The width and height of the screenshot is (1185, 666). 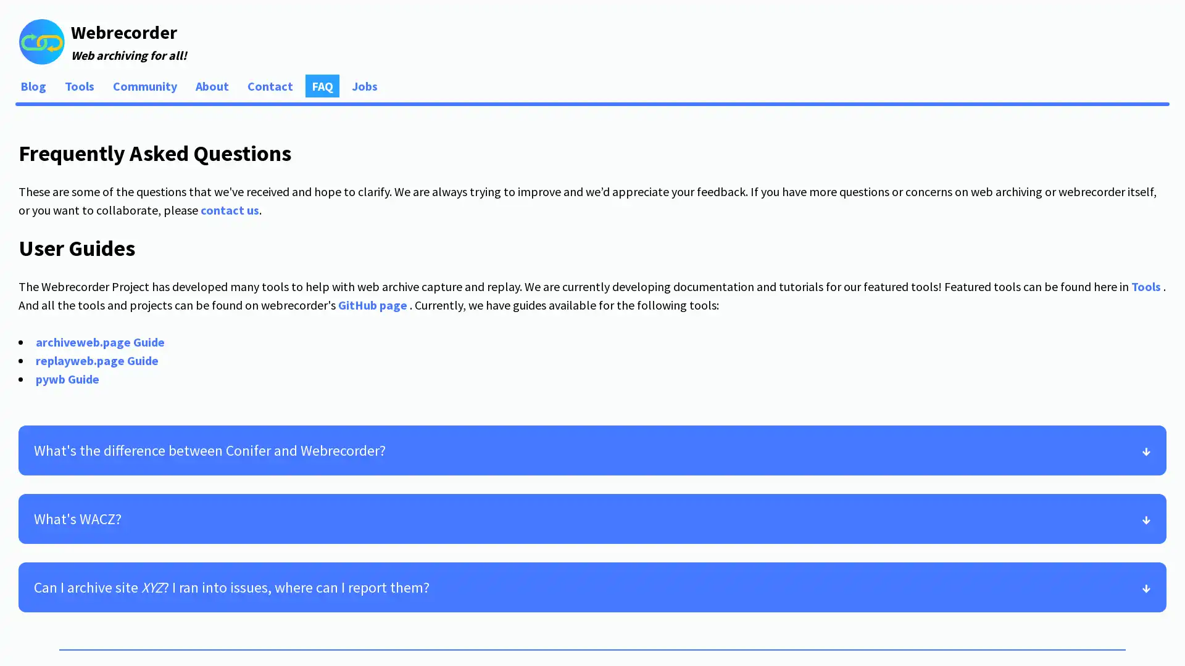 What do you see at coordinates (592, 450) in the screenshot?
I see `What's the difference between Conifer and Webrecorder?` at bounding box center [592, 450].